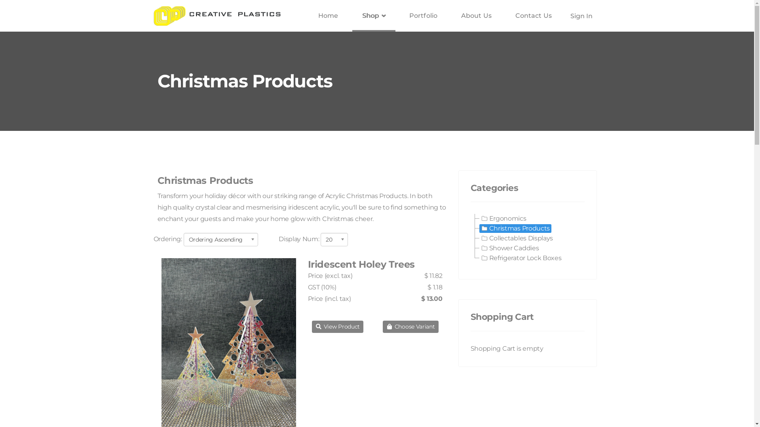  Describe the element at coordinates (503, 218) in the screenshot. I see `'Ergonomics'` at that location.